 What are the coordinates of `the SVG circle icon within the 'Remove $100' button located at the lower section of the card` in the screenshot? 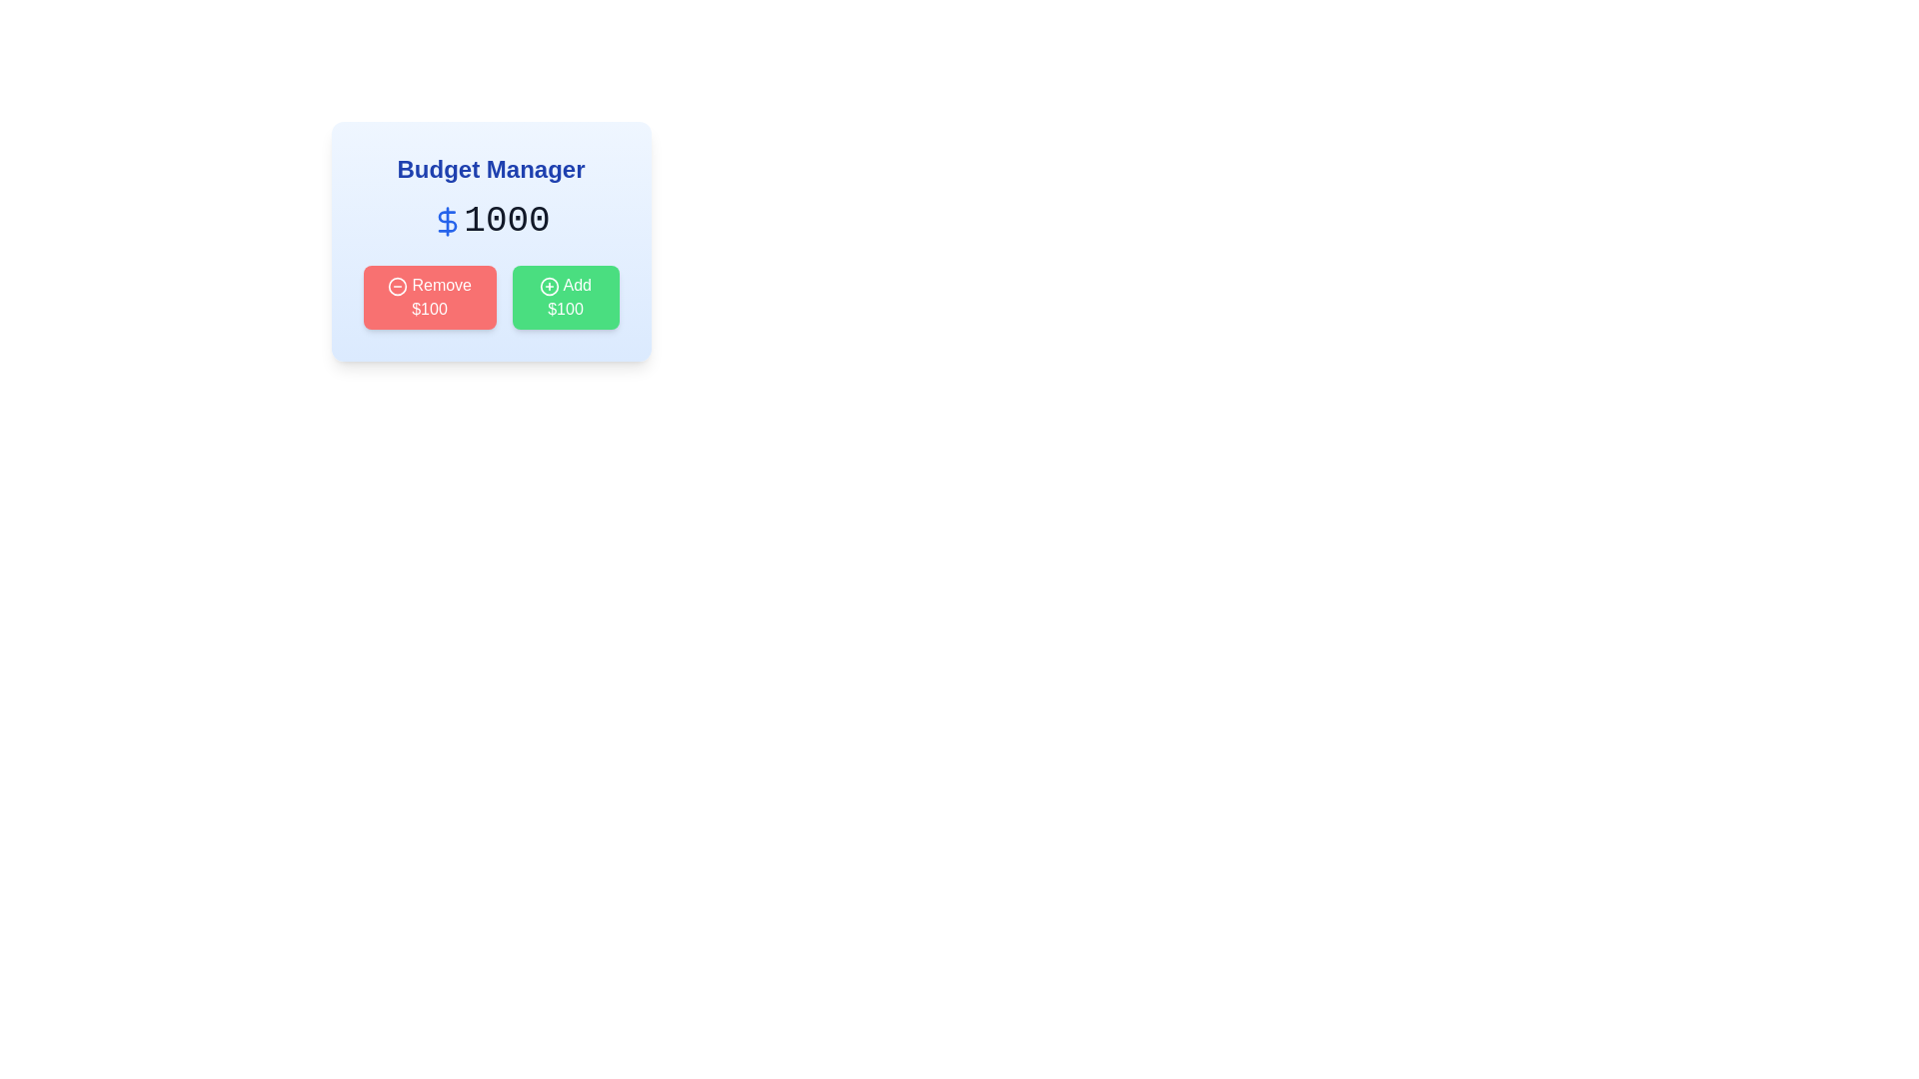 It's located at (398, 286).